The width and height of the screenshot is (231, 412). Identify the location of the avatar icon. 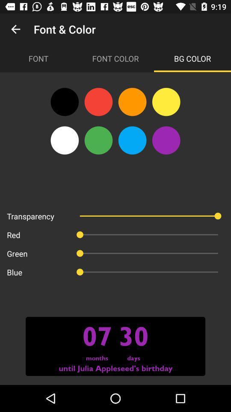
(166, 140).